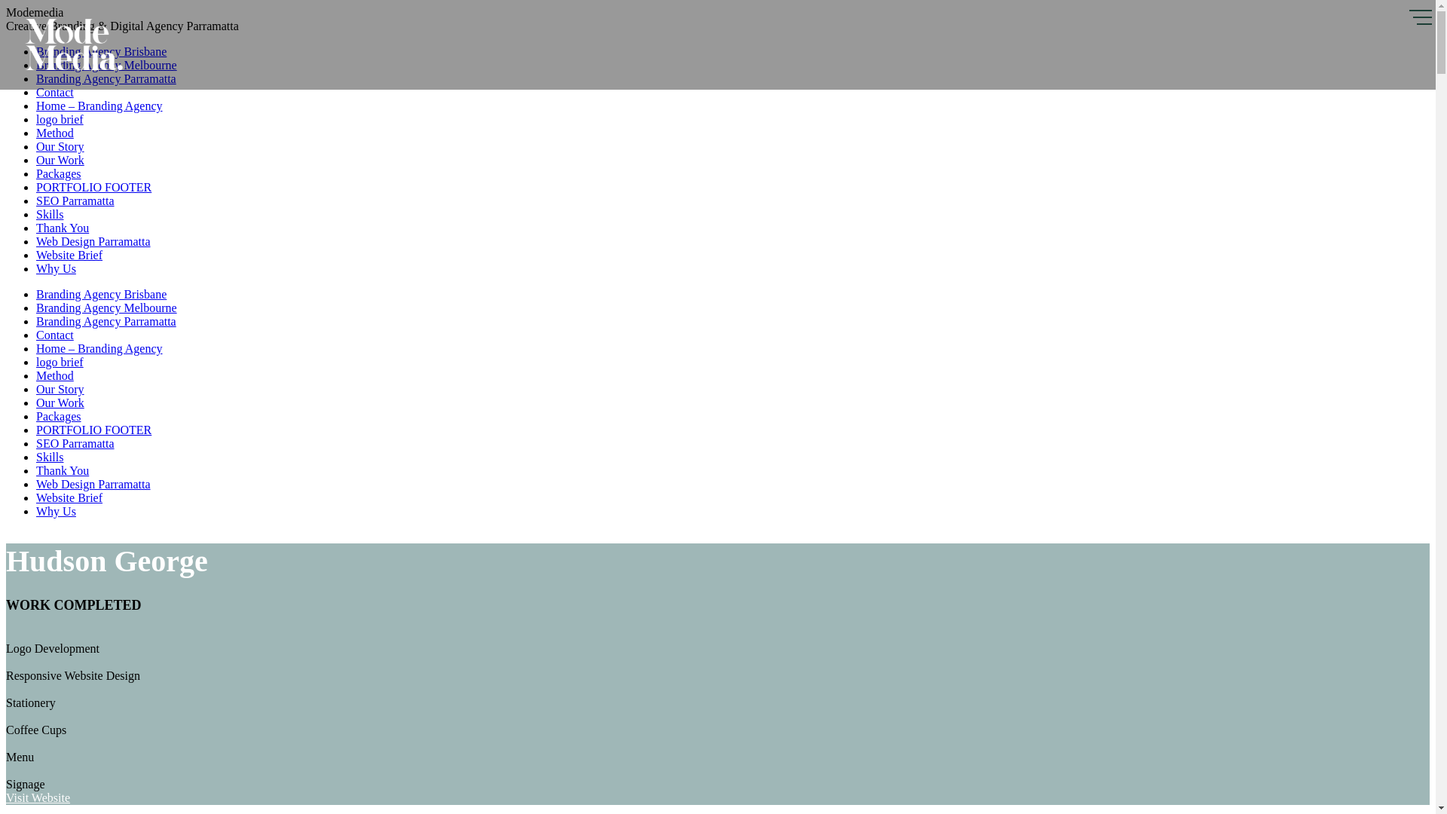  Describe the element at coordinates (100, 50) in the screenshot. I see `'Branding Agency Brisbane'` at that location.